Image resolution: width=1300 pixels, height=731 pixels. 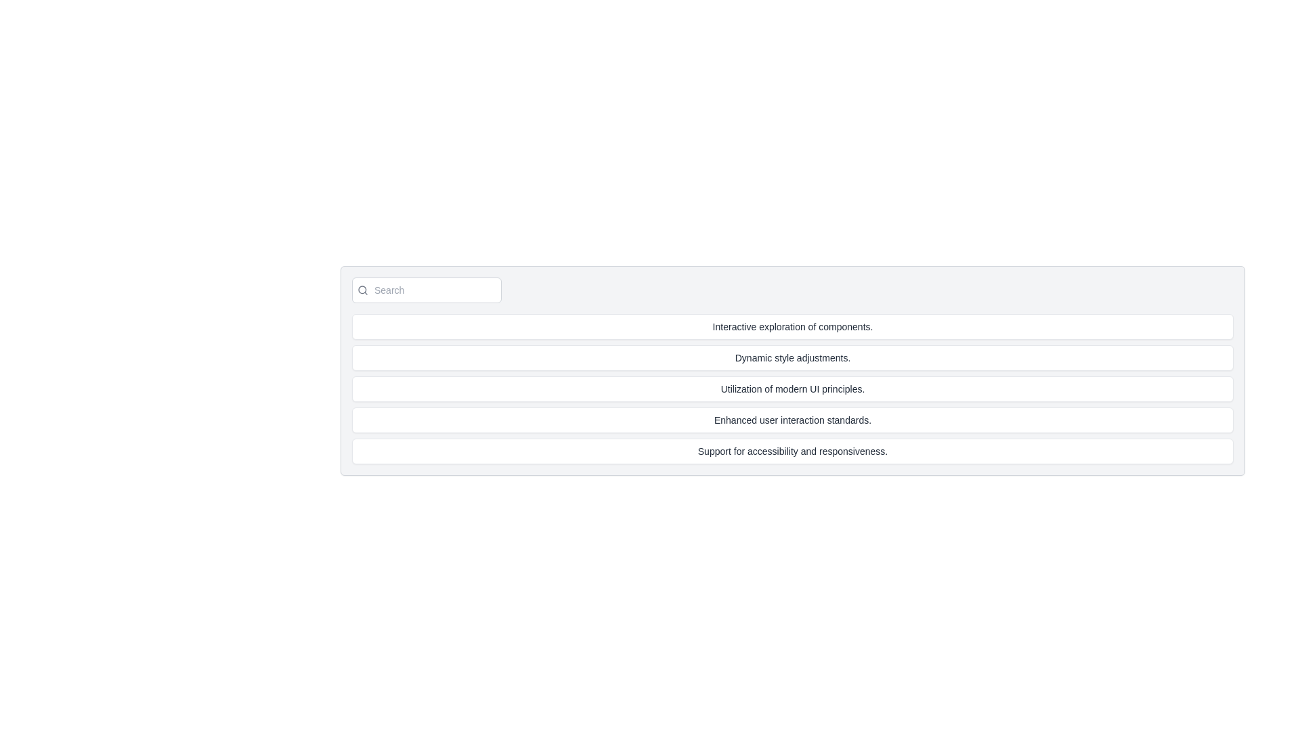 I want to click on the character 'd' in the word 'and' at the end of the sentence 'Support for accessibility and responsiveness.' which is displayed as the fifth item in a vertical list, so click(x=813, y=451).